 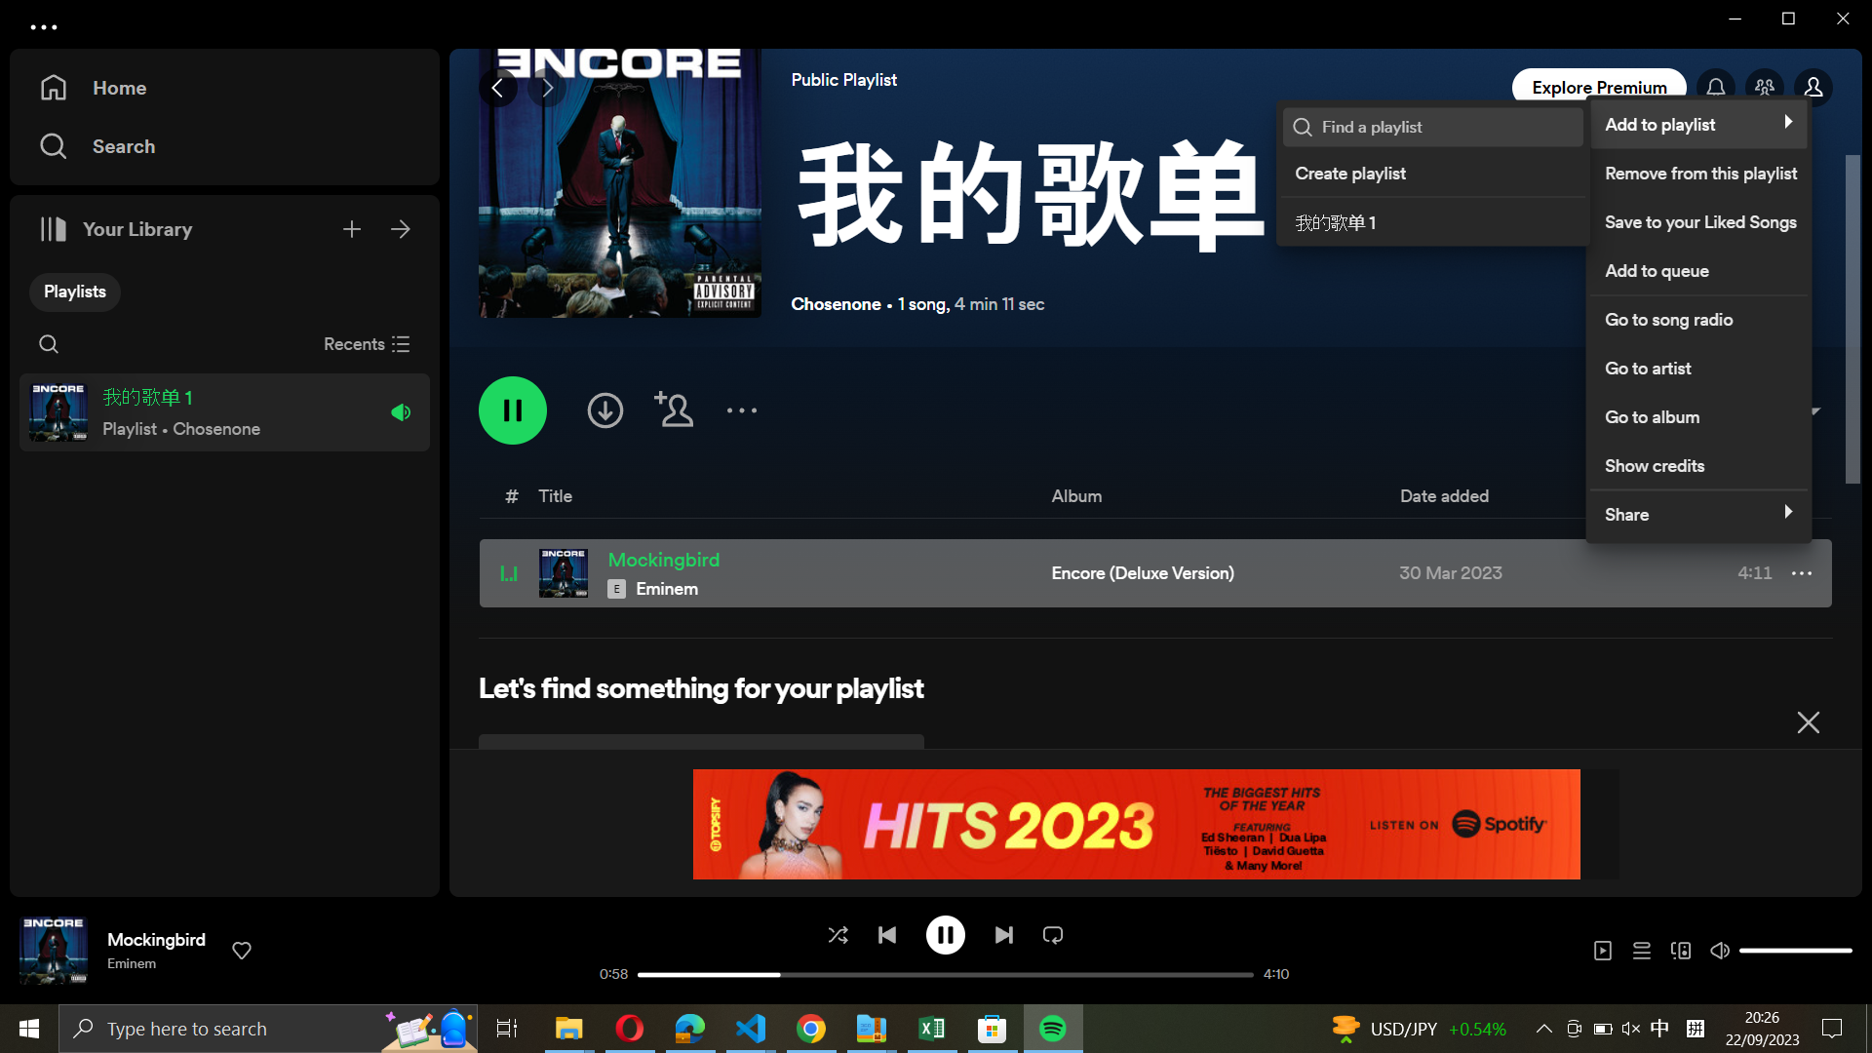 I want to click on Remove selected audio file from the playlist, so click(x=1697, y=168).